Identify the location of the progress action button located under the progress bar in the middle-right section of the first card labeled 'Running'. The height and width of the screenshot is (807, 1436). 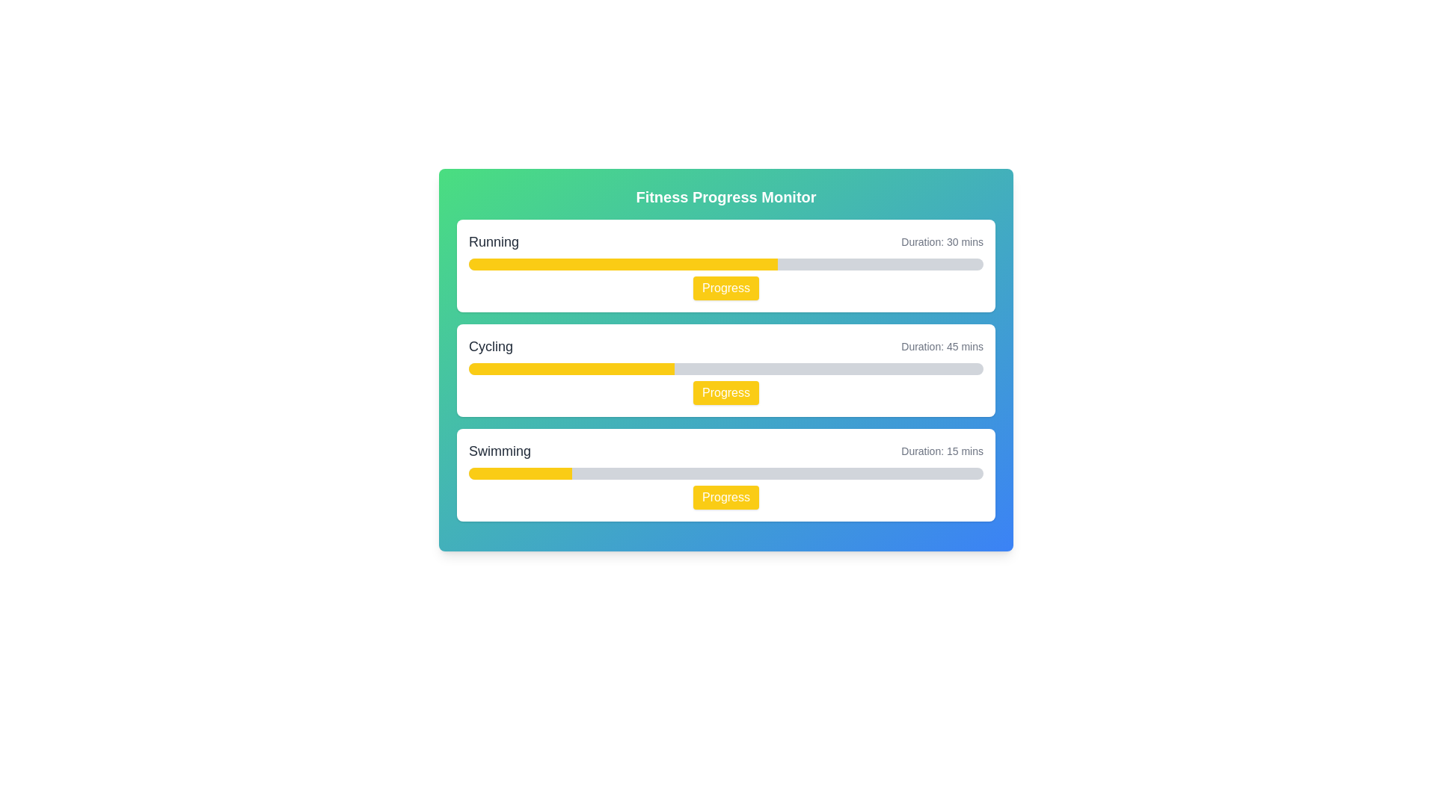
(725, 288).